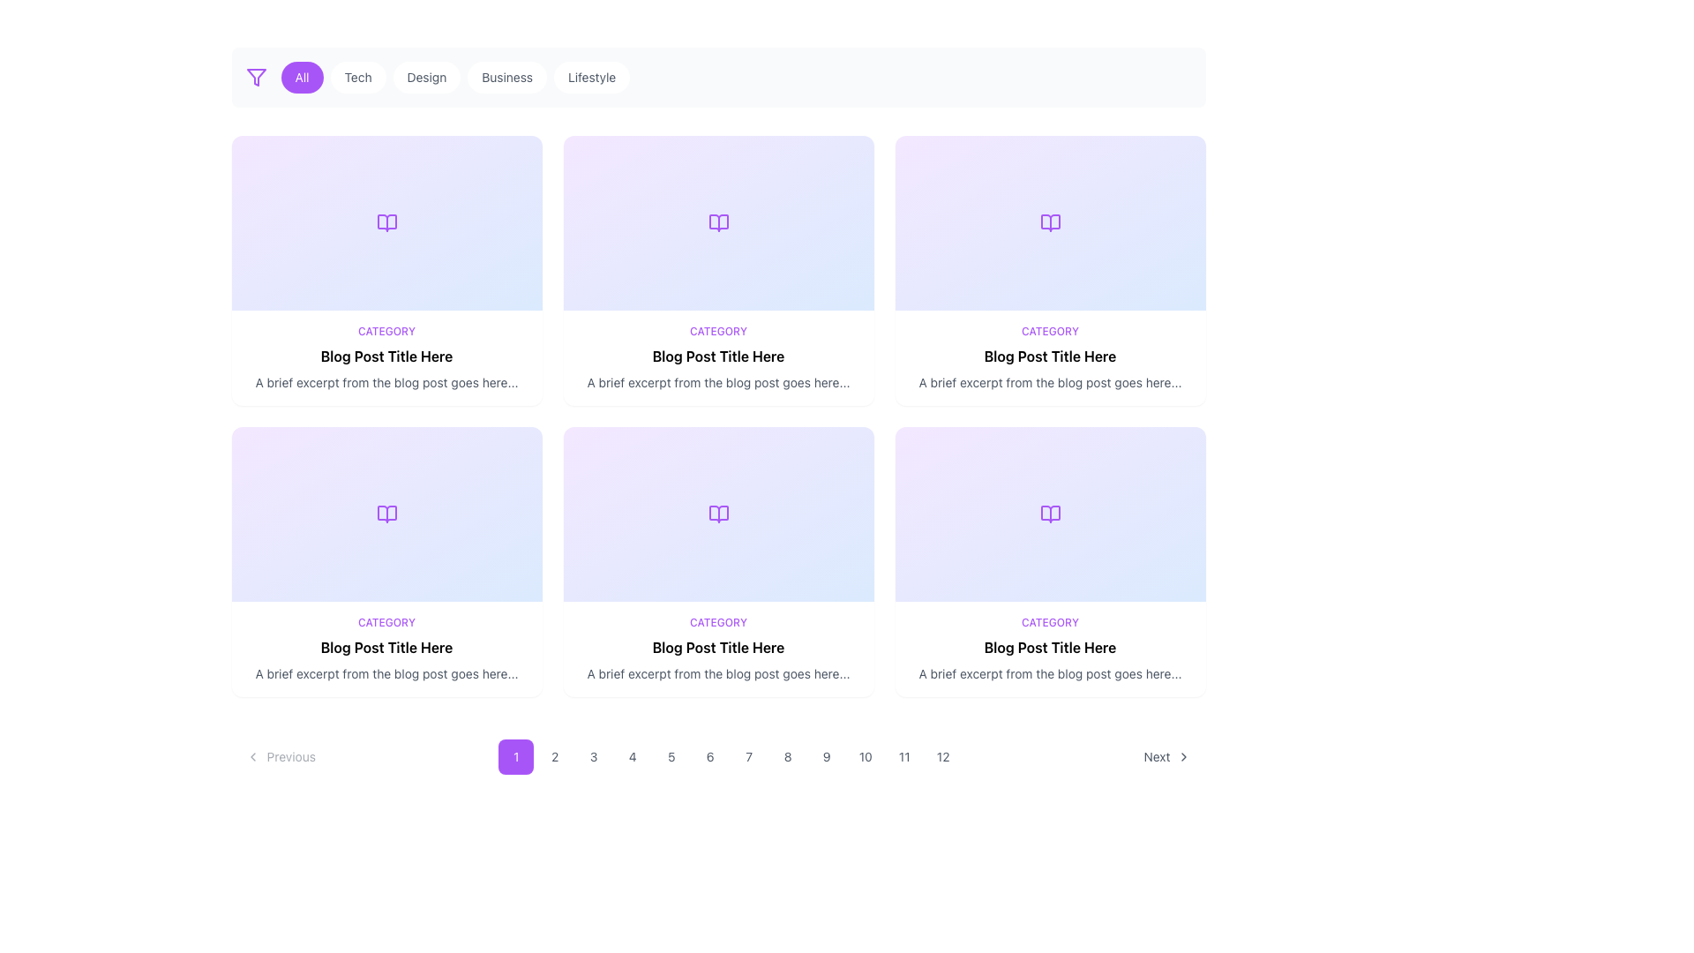  What do you see at coordinates (1050, 357) in the screenshot?
I see `the section within the blog card component that contains the label 'CATEGORY', the title 'Blog Post Title Here', and the excerpt text, if it is linked` at bounding box center [1050, 357].